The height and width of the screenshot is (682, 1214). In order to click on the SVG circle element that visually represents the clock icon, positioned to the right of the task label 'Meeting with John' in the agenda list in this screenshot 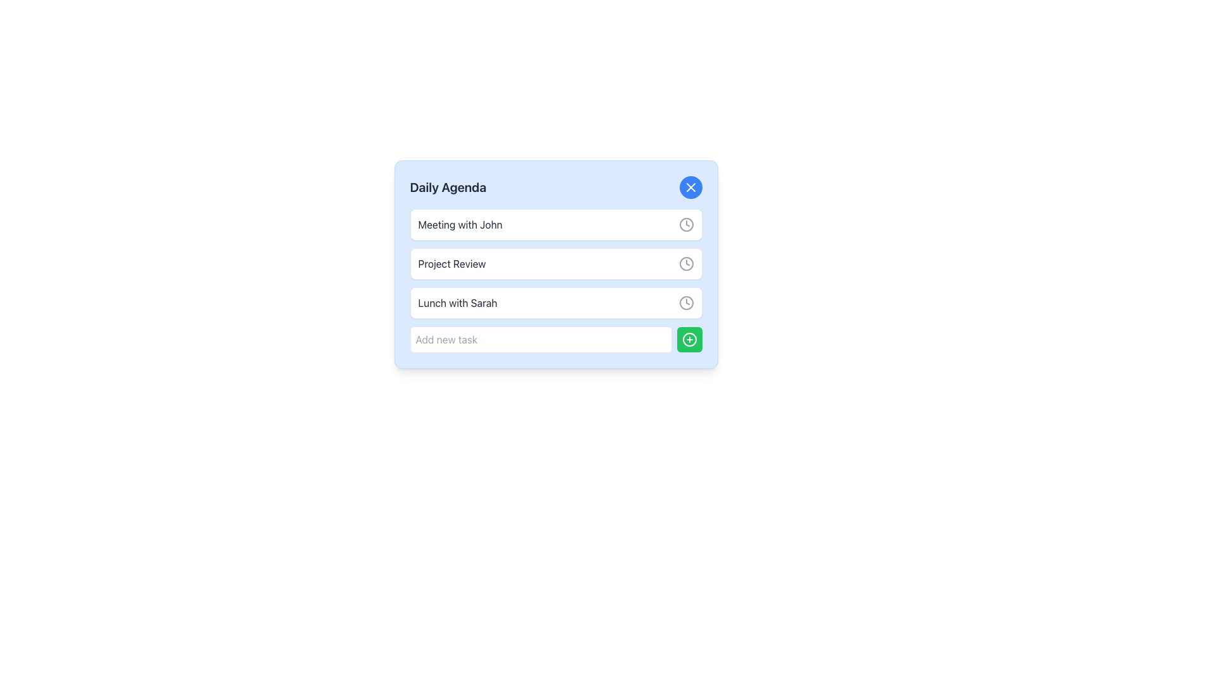, I will do `click(685, 224)`.